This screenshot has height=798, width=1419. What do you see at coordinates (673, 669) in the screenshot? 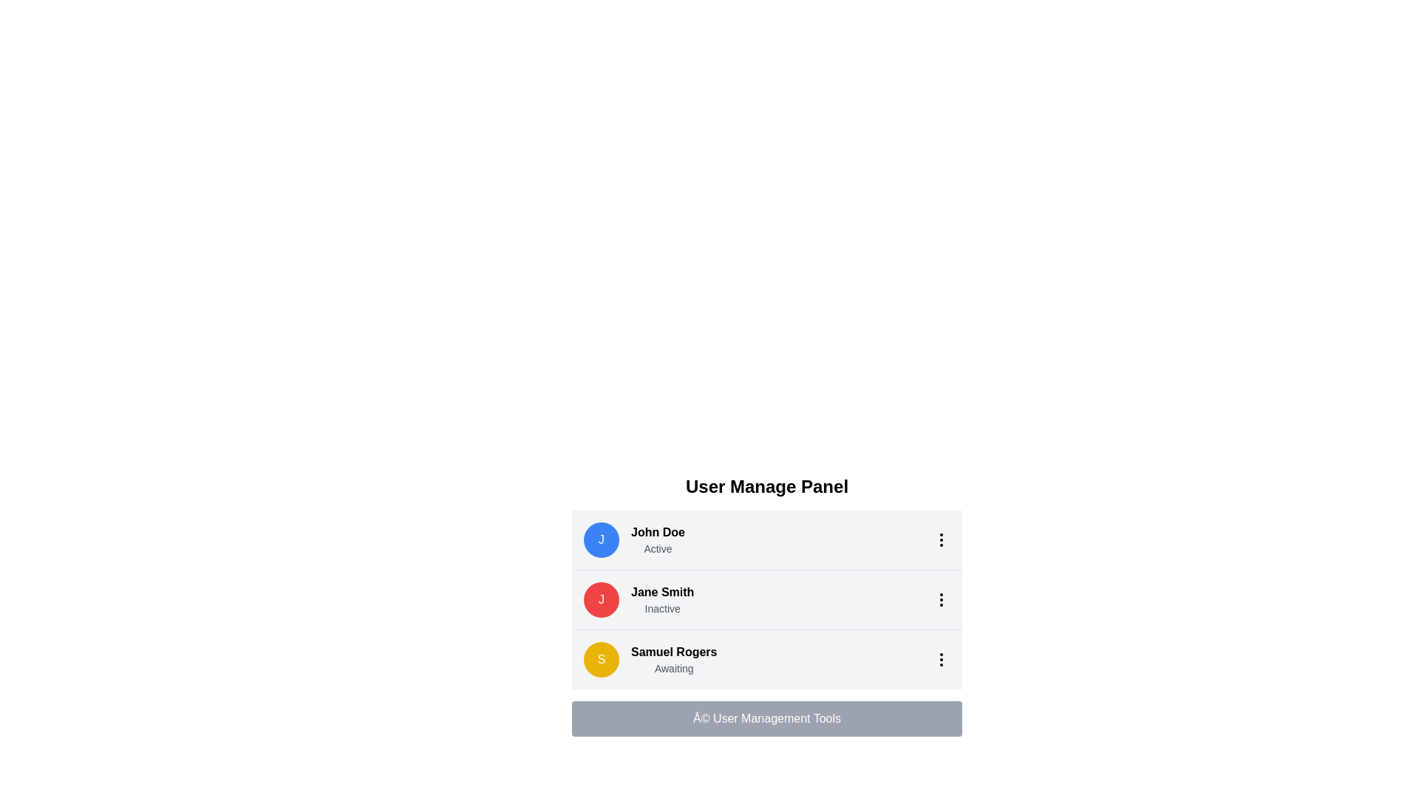
I see `the text label 'Awaiting' that appears in smaller gray font, located beneath 'Samuel Rogers' in the third user list entry of the User Manage Panel` at bounding box center [673, 669].